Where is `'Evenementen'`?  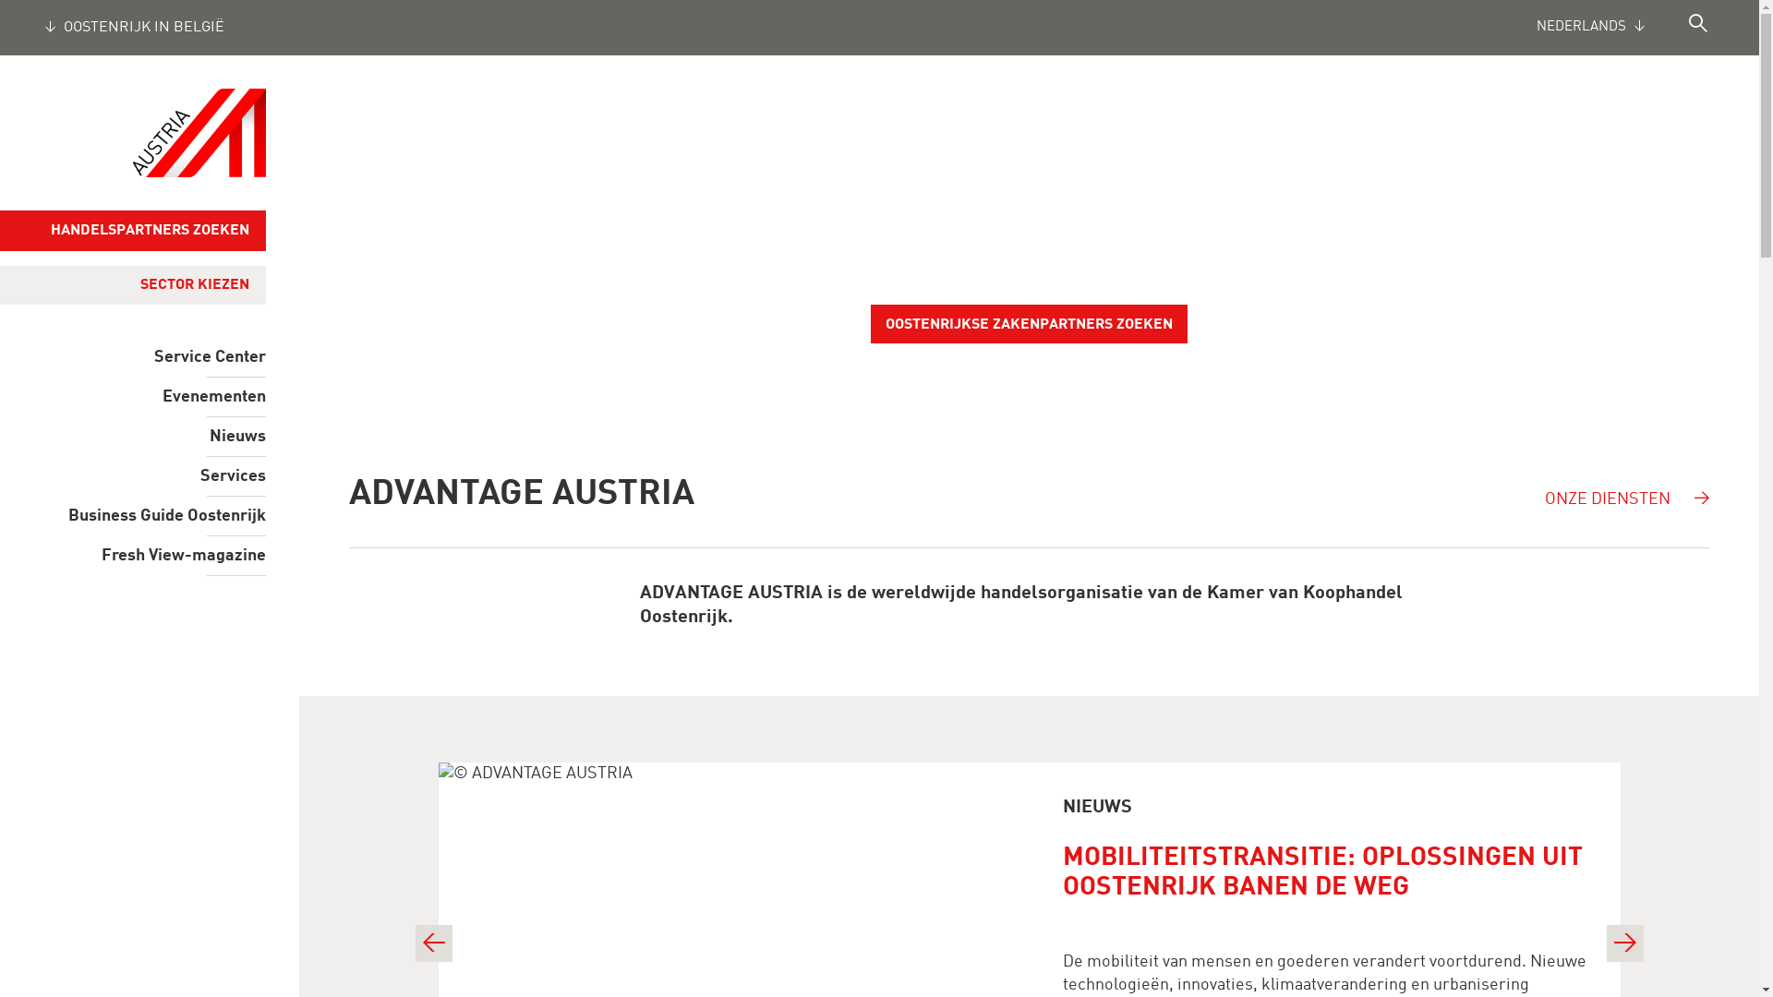
'Evenementen' is located at coordinates (132, 395).